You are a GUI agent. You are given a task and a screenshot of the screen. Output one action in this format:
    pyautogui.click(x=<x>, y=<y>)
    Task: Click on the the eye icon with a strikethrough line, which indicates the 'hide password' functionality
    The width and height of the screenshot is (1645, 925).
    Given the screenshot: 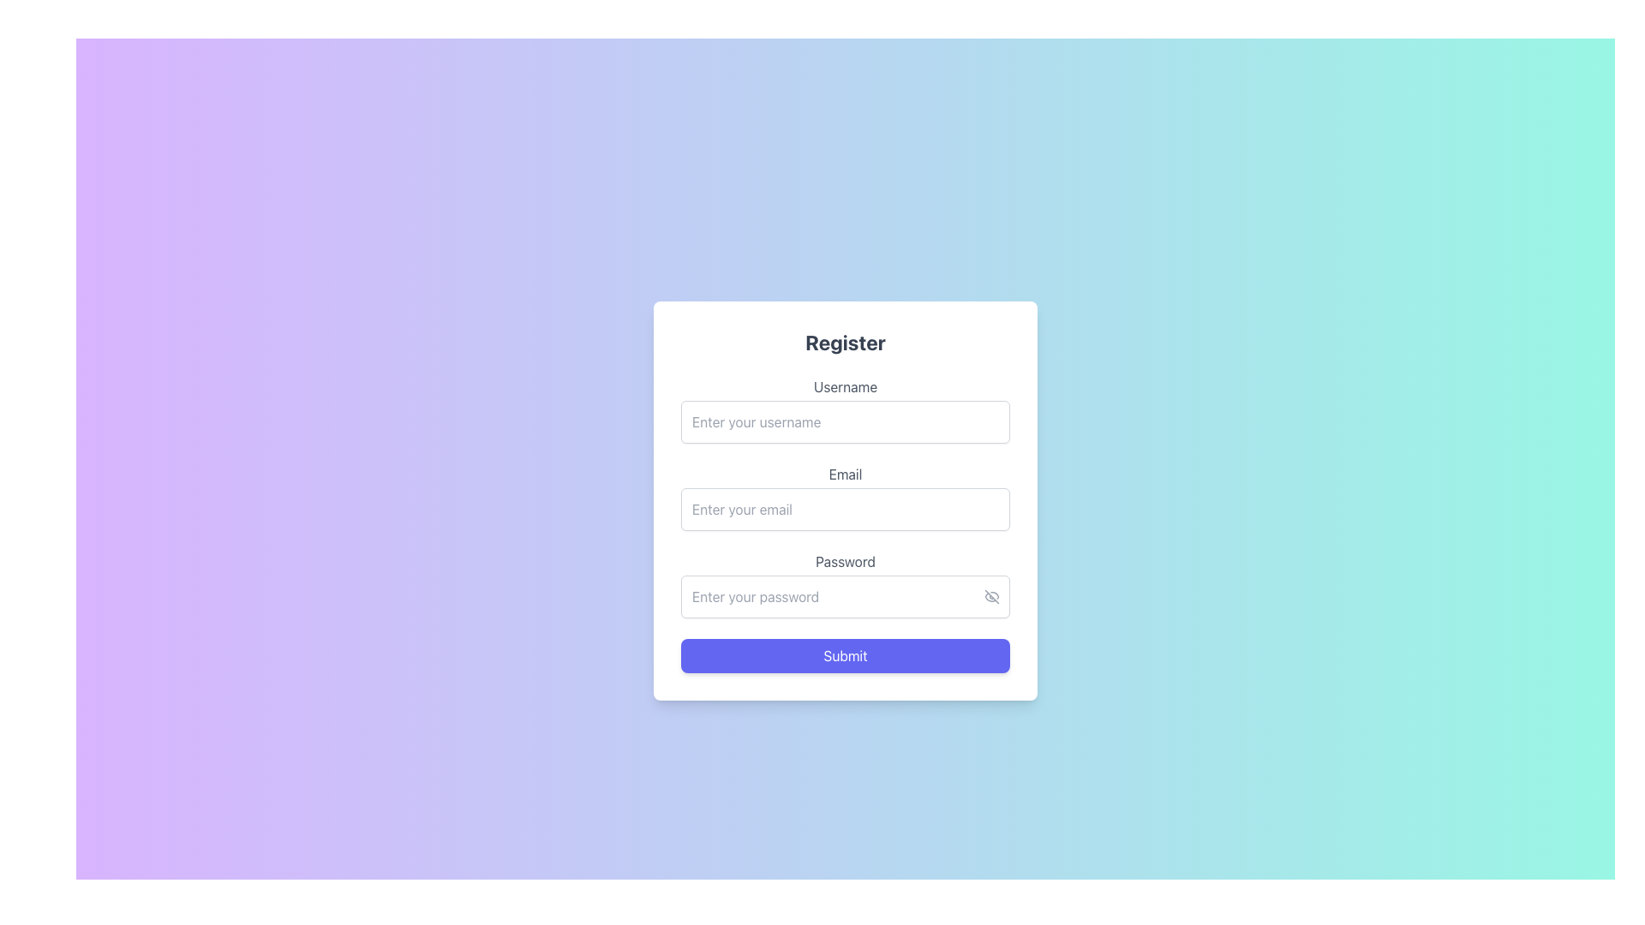 What is the action you would take?
    pyautogui.click(x=991, y=596)
    